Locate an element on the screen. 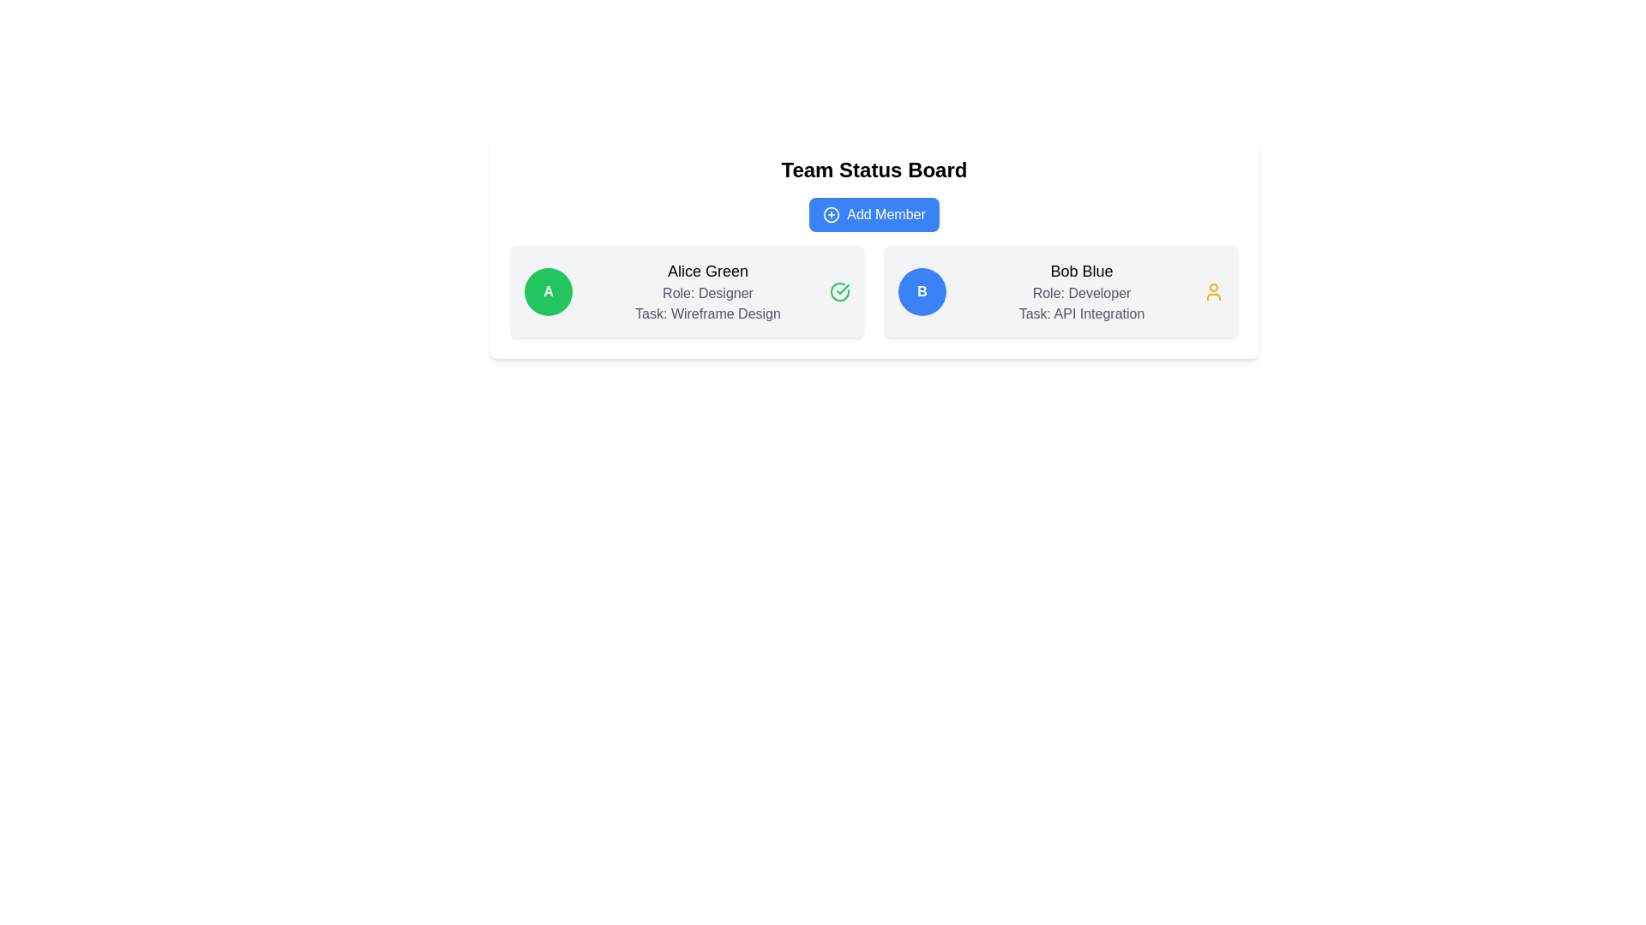 Image resolution: width=1646 pixels, height=925 pixels. the visual status conveyed by the green circular outline with a checkmark in the top-right corner of the 'Alice Green' card under 'Team Status Board' is located at coordinates (839, 290).